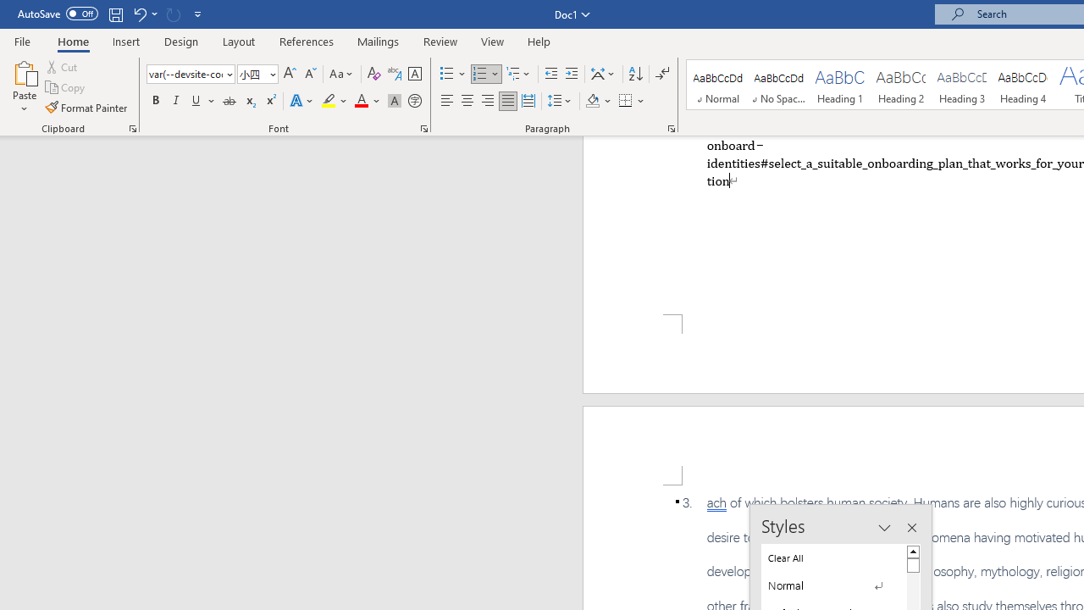 The image size is (1084, 610). What do you see at coordinates (203, 101) in the screenshot?
I see `'Underline'` at bounding box center [203, 101].